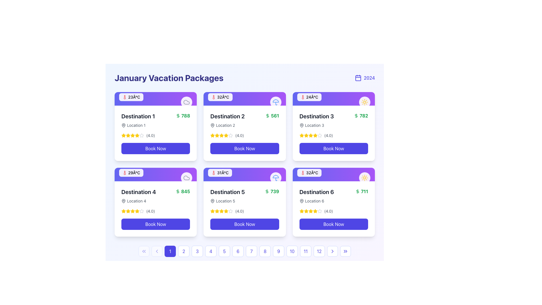 Image resolution: width=542 pixels, height=305 pixels. I want to click on the small square button with the number '10' in bold font, so click(292, 251).